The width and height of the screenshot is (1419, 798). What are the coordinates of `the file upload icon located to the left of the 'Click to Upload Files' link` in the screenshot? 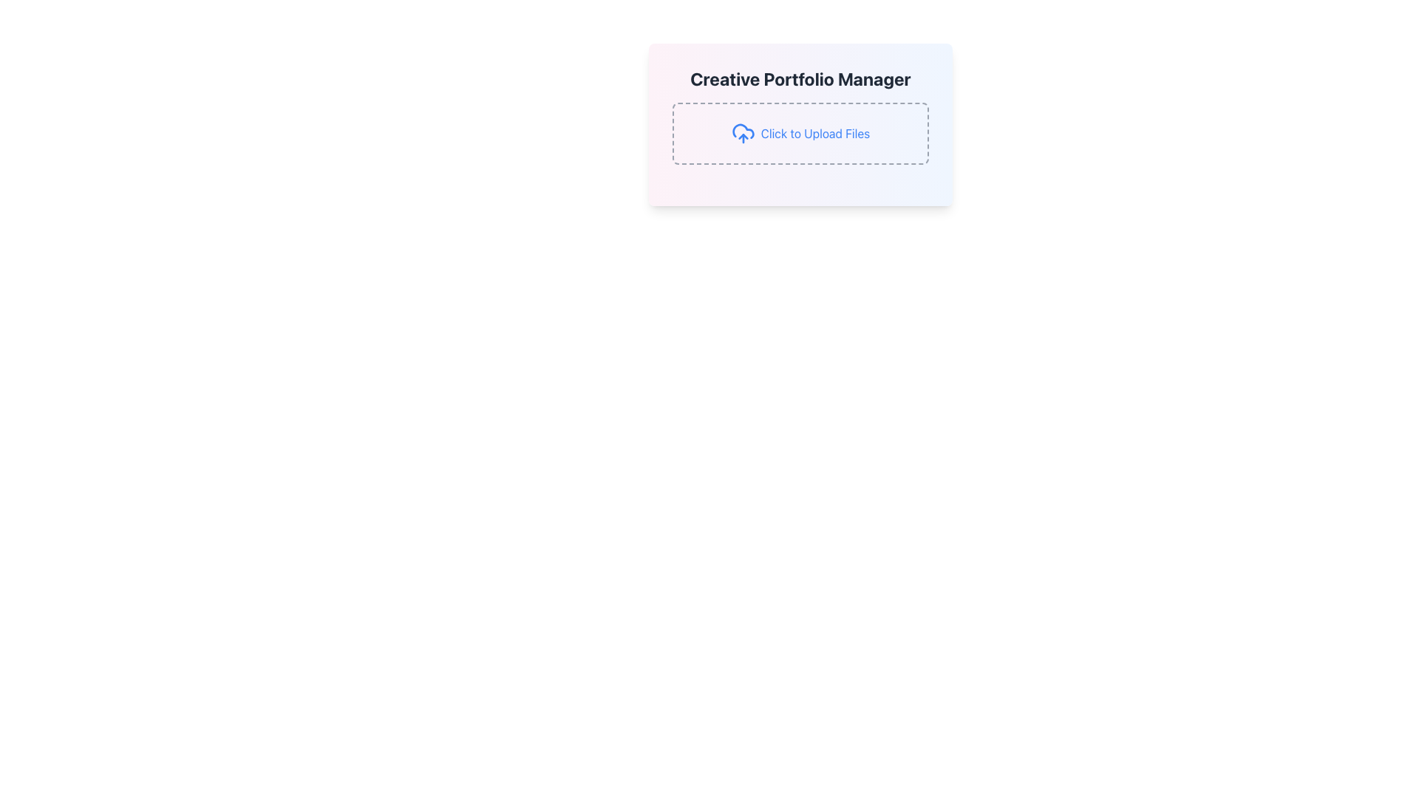 It's located at (743, 134).